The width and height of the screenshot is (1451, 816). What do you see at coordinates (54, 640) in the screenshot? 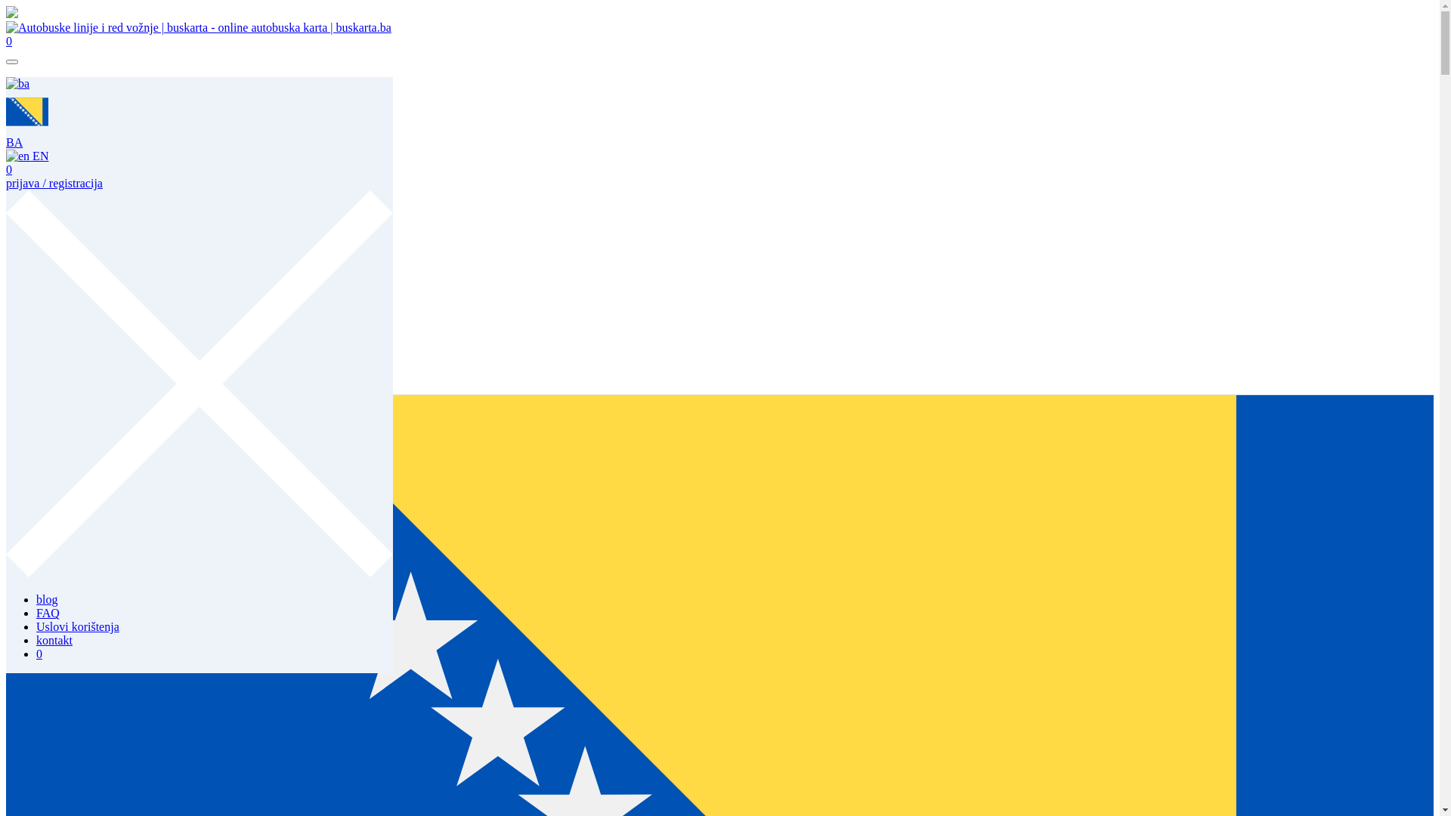
I see `'kontakt'` at bounding box center [54, 640].